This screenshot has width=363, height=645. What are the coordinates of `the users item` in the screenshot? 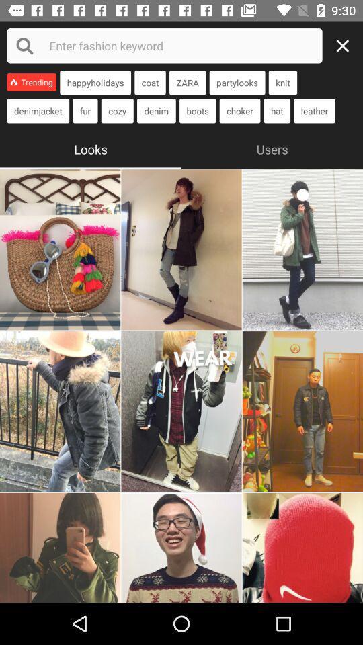 It's located at (272, 148).